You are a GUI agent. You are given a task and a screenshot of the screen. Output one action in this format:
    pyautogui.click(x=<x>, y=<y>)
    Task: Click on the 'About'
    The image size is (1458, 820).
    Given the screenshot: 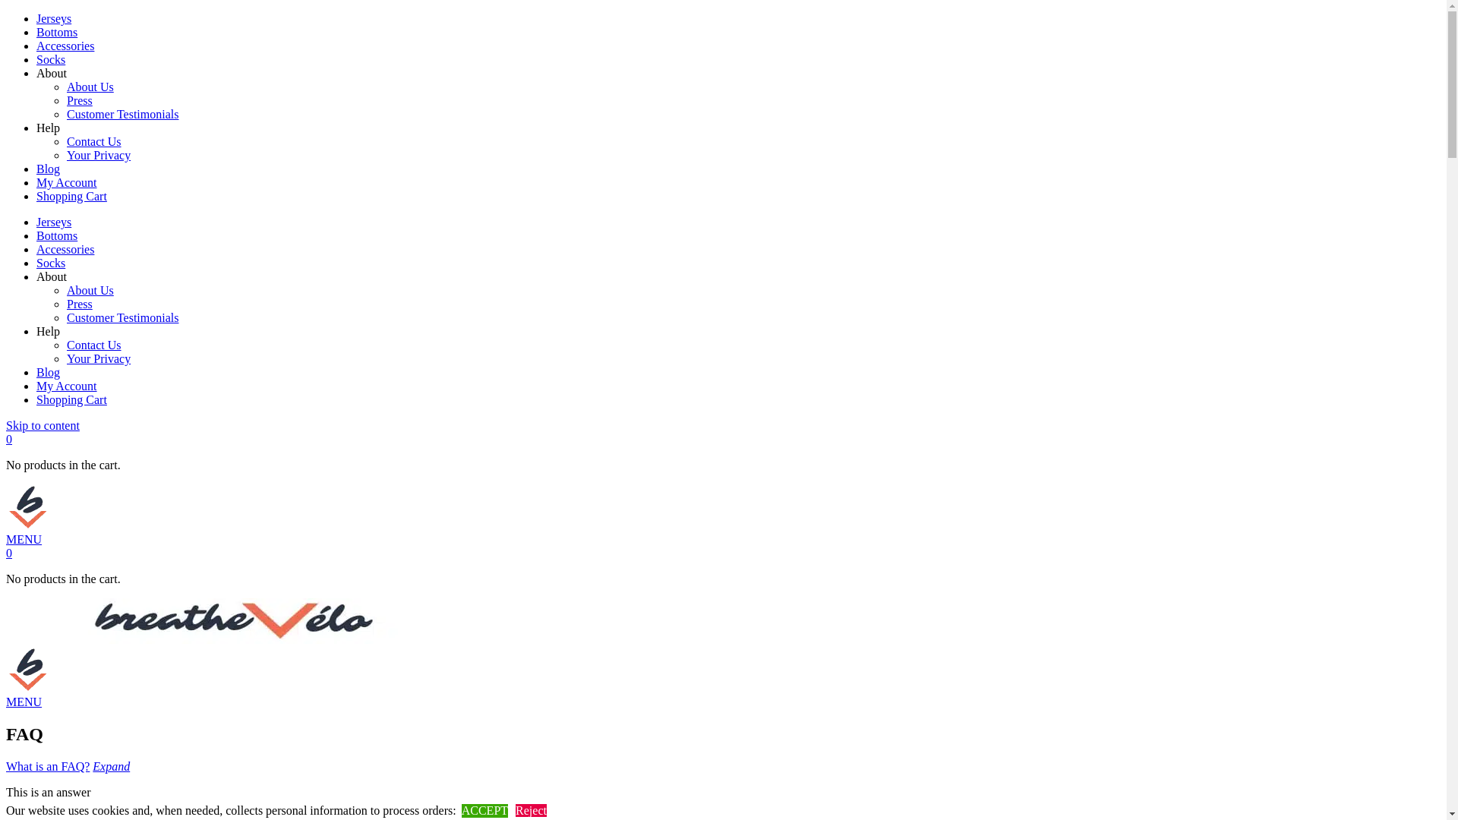 What is the action you would take?
    pyautogui.click(x=51, y=276)
    